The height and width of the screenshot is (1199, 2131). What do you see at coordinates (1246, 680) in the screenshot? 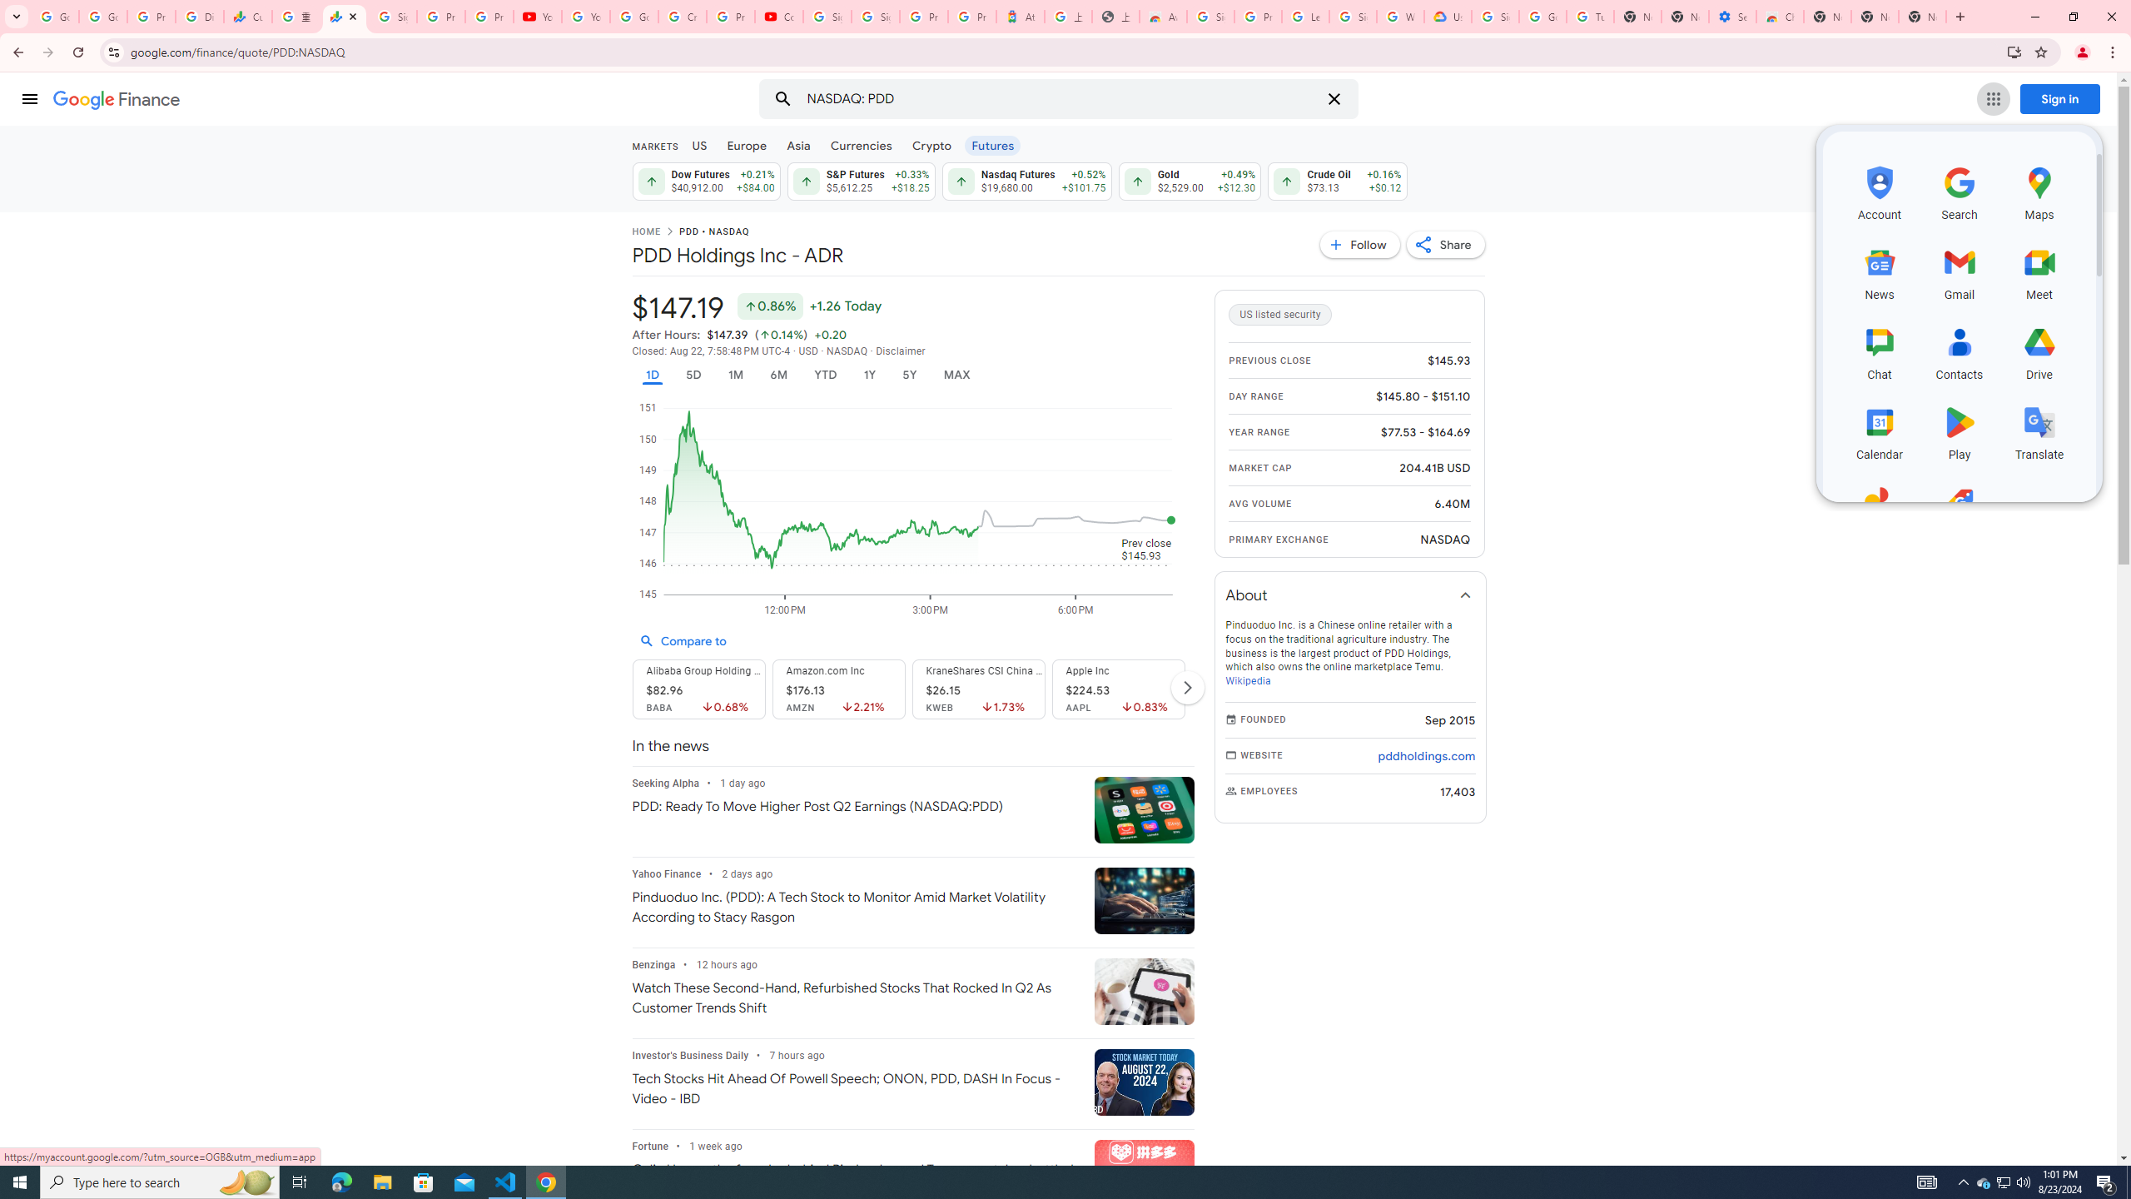
I see `'Wikipedia'` at bounding box center [1246, 680].